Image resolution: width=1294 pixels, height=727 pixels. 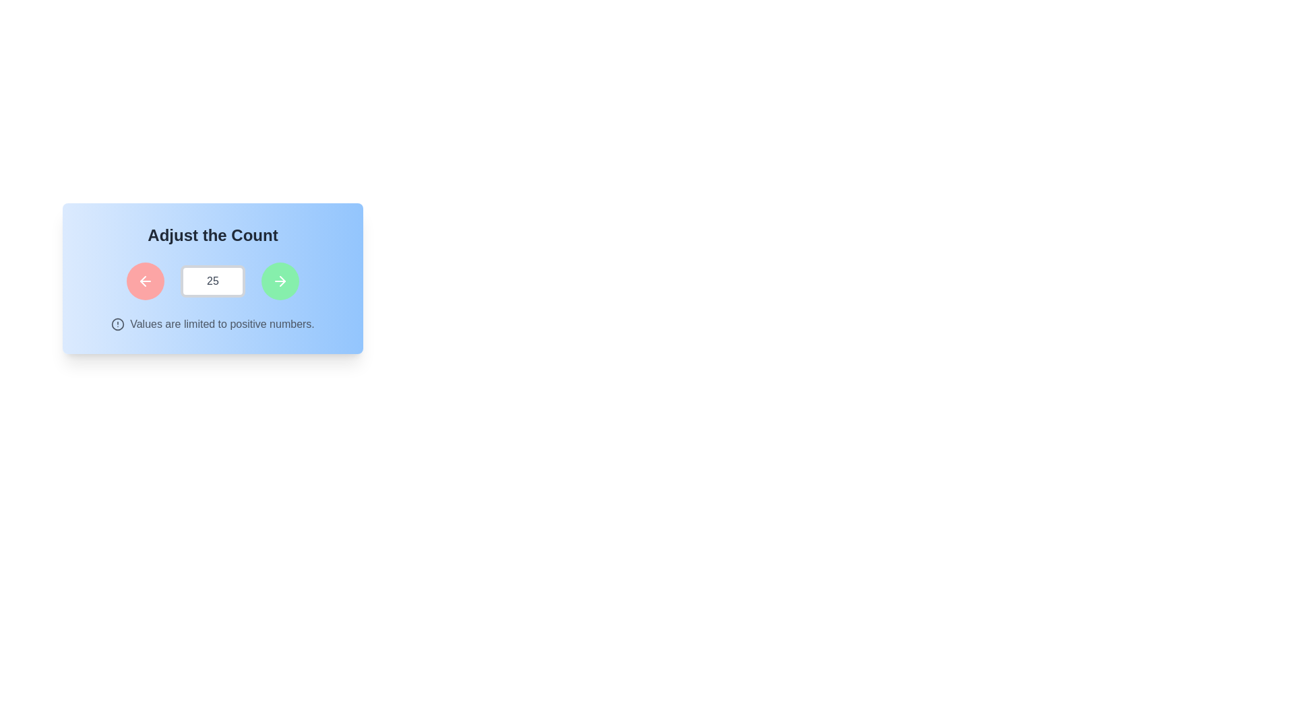 I want to click on the green circular button with a white rightward arrow icon, so click(x=280, y=280).